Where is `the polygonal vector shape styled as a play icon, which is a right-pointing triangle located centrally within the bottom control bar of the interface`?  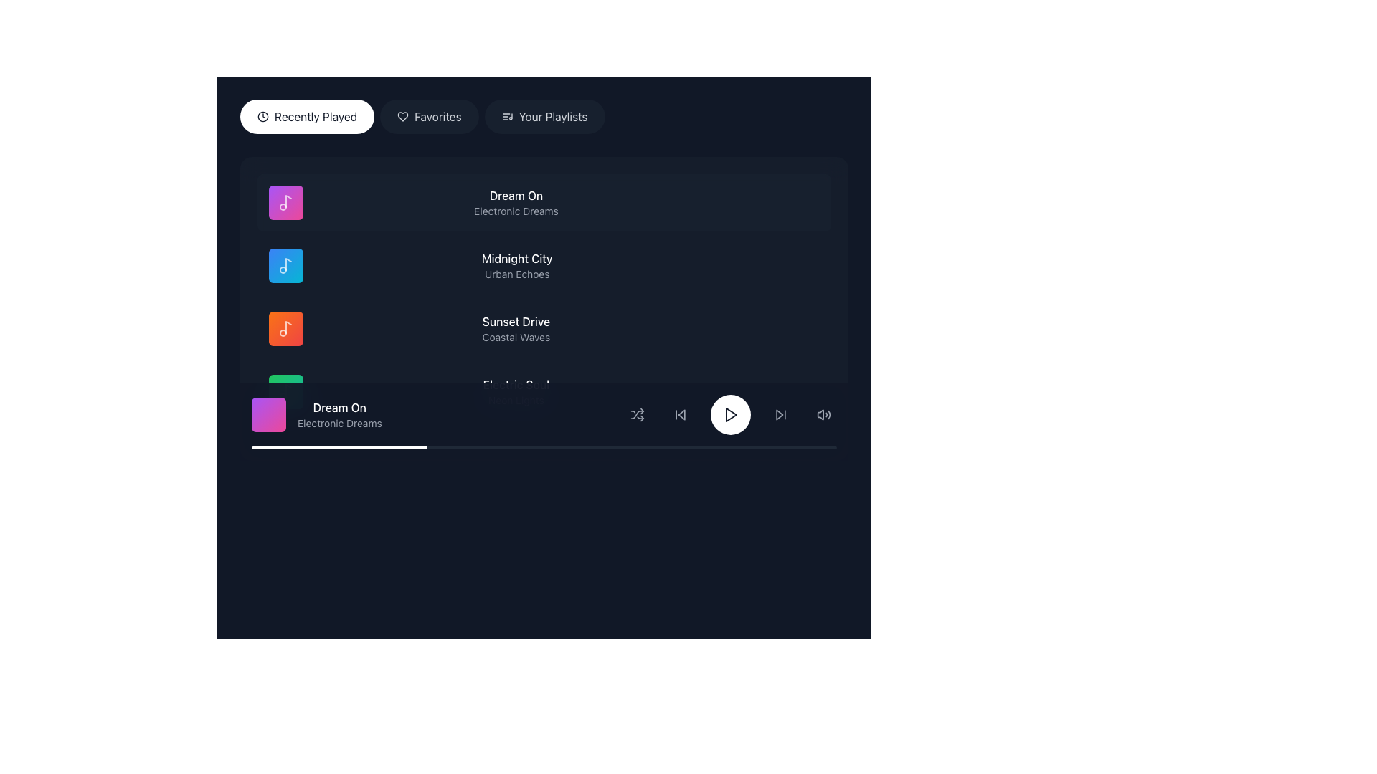
the polygonal vector shape styled as a play icon, which is a right-pointing triangle located centrally within the bottom control bar of the interface is located at coordinates (731, 414).